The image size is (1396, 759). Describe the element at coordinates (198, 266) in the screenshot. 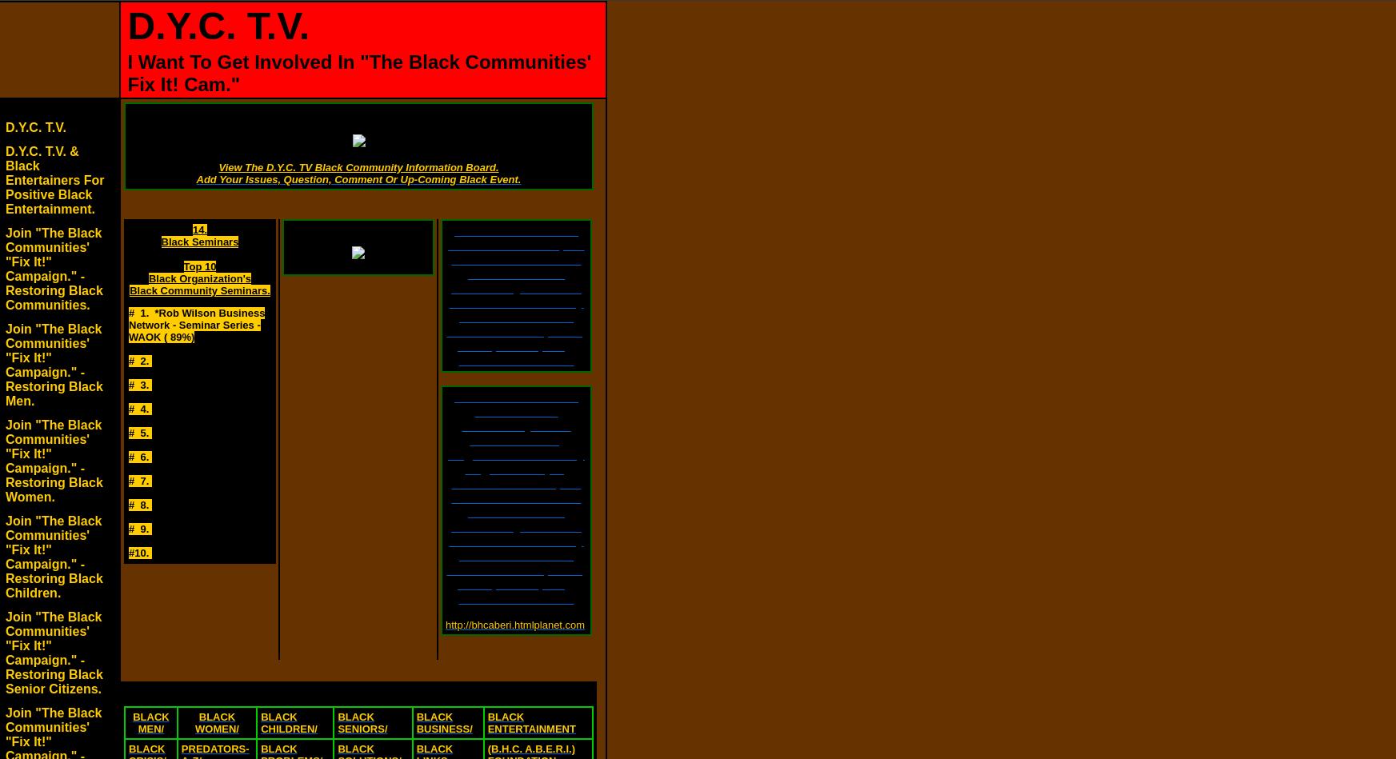

I see `'Top 10'` at that location.